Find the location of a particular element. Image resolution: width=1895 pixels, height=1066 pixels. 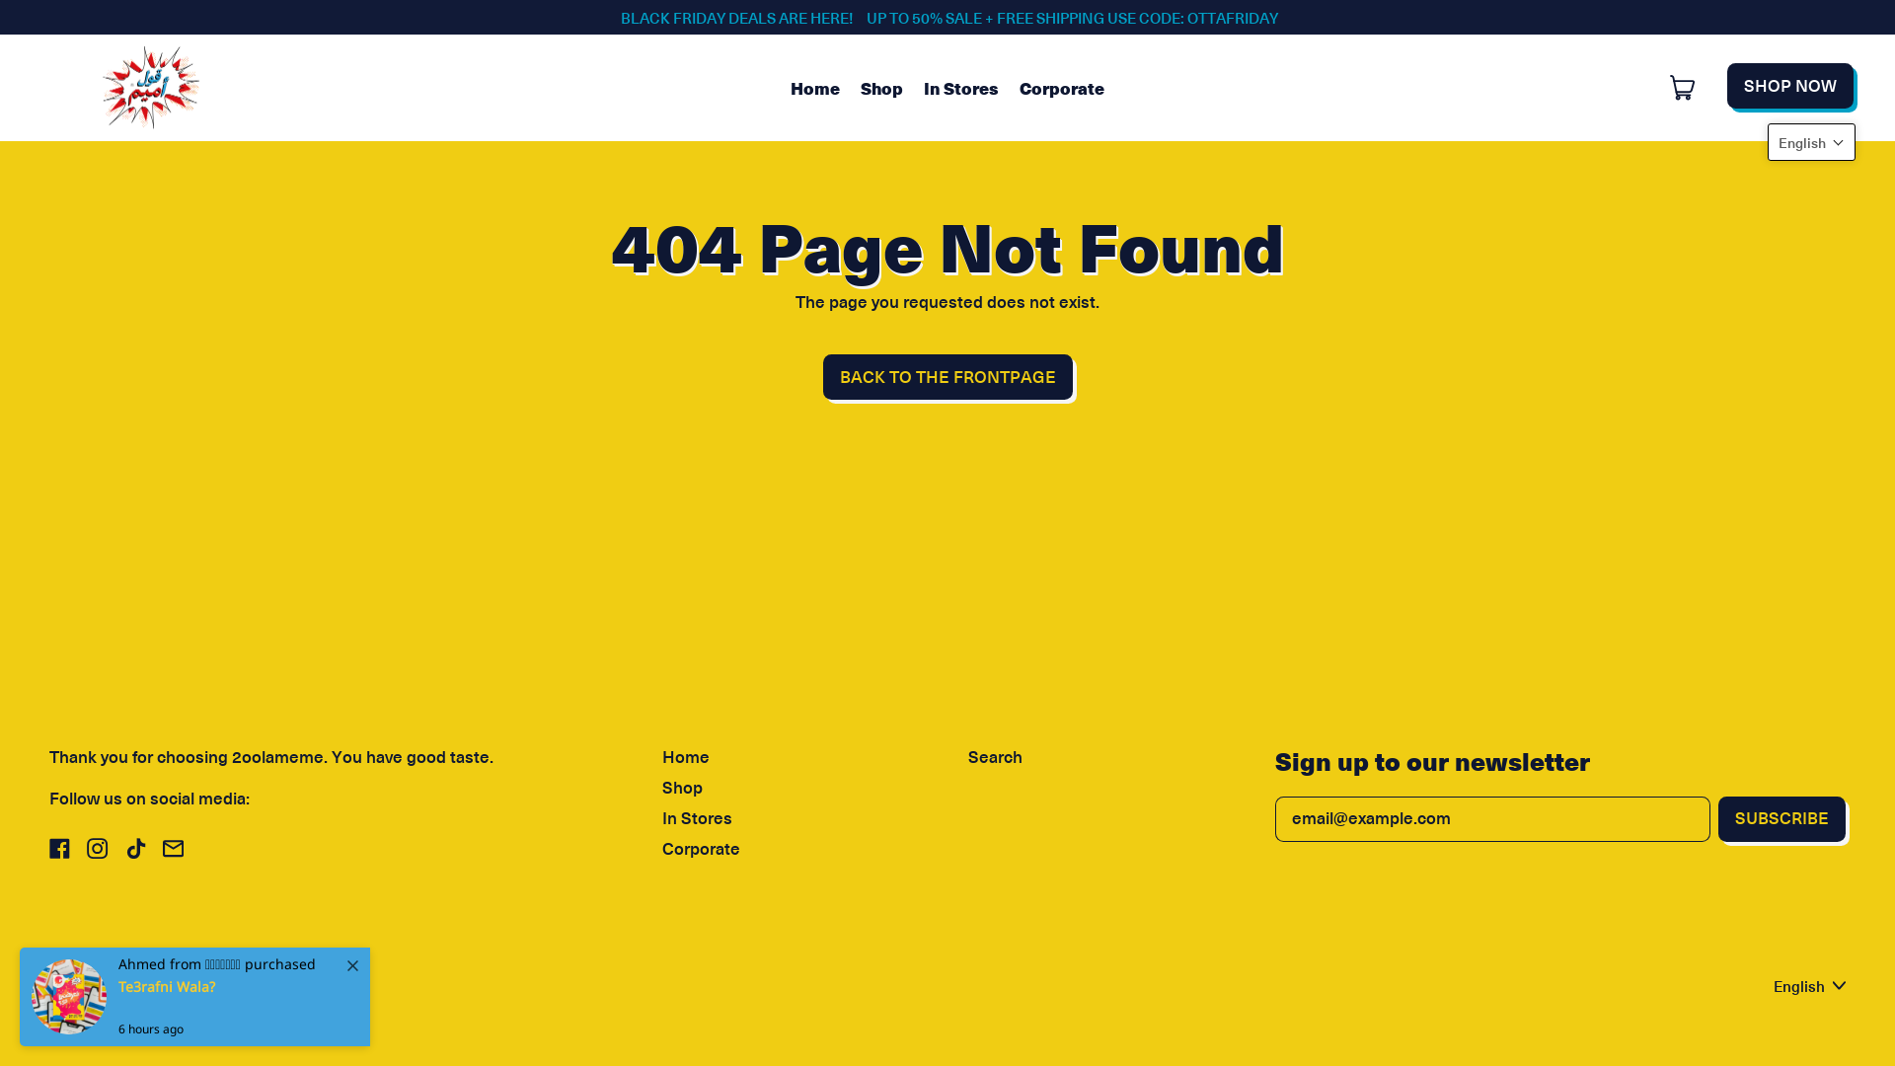

'Corporate' is located at coordinates (1009, 86).